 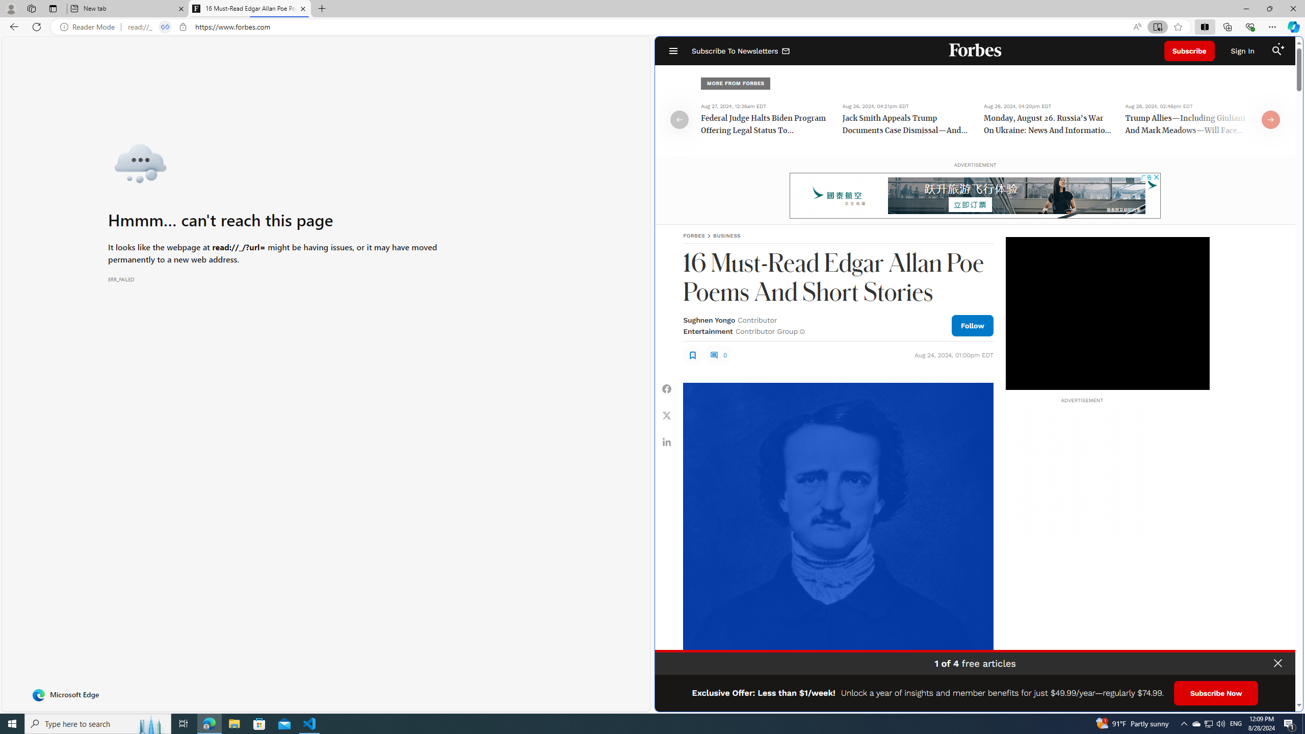 What do you see at coordinates (1270, 119) in the screenshot?
I see `'Class: fs-icon fs-icon--arrow-right'` at bounding box center [1270, 119].